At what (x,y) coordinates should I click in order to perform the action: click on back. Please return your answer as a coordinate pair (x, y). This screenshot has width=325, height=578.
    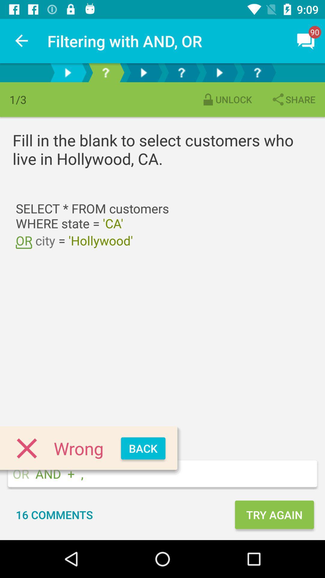
    Looking at the image, I should click on (143, 448).